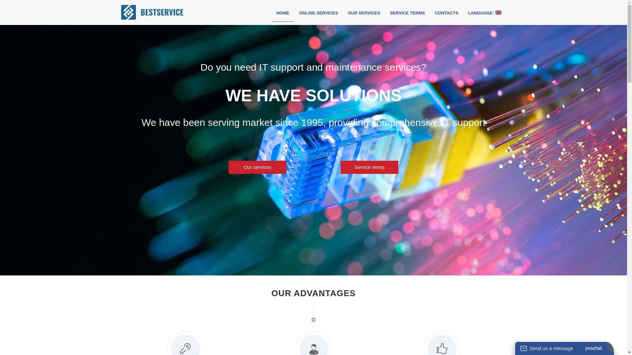 This screenshot has width=632, height=355. Describe the element at coordinates (164, 13) in the screenshot. I see `'Best Service'` at that location.